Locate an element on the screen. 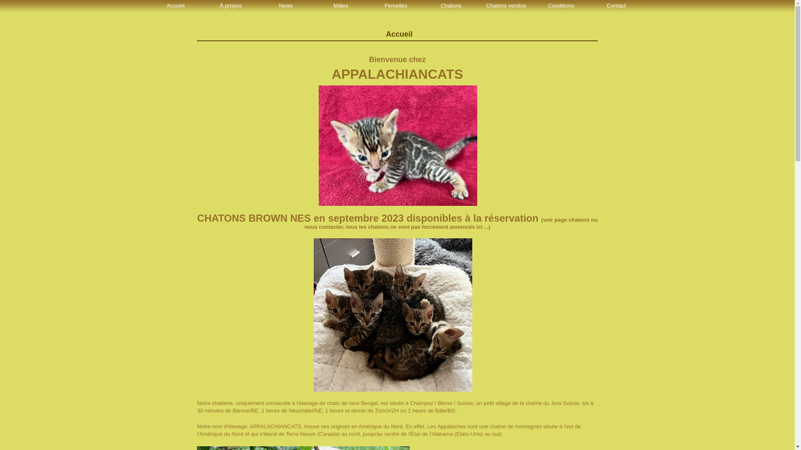  'Chatons vendus' is located at coordinates (504, 6).